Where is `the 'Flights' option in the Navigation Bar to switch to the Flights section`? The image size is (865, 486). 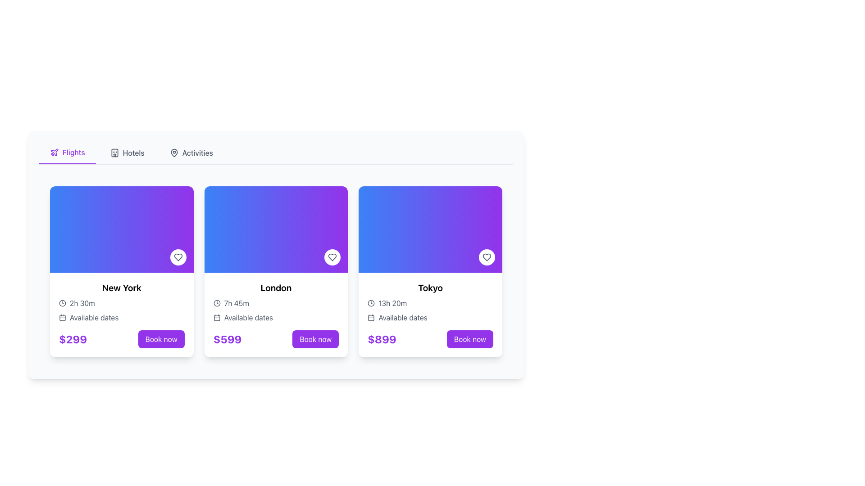
the 'Flights' option in the Navigation Bar to switch to the Flights section is located at coordinates (276, 152).